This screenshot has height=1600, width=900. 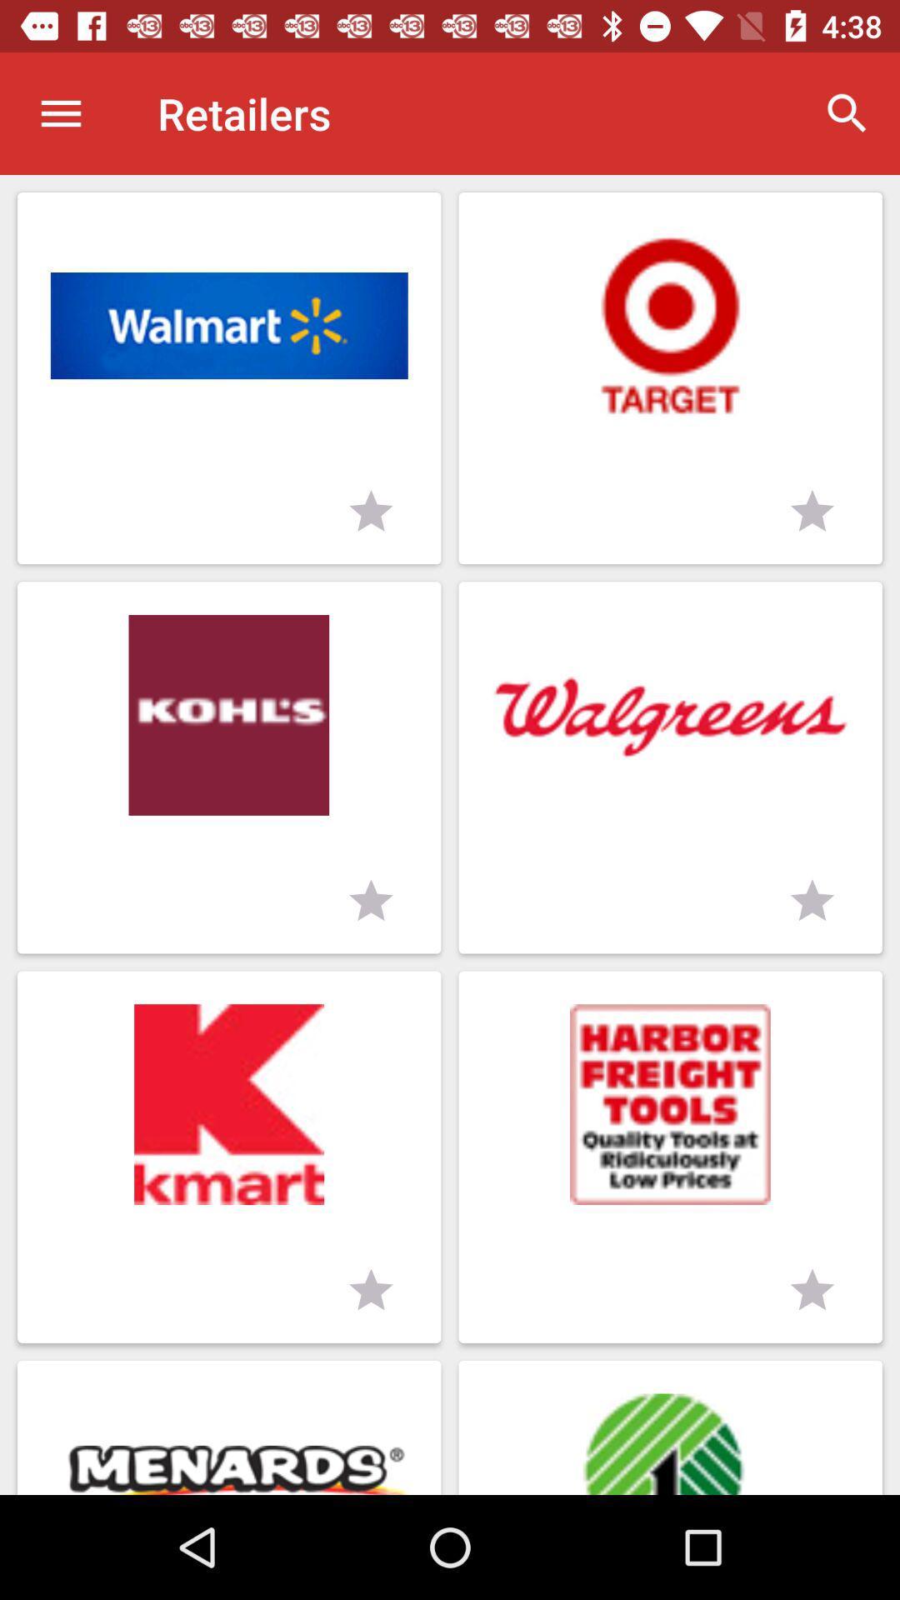 What do you see at coordinates (229, 1427) in the screenshot?
I see `the option which is below kmart` at bounding box center [229, 1427].